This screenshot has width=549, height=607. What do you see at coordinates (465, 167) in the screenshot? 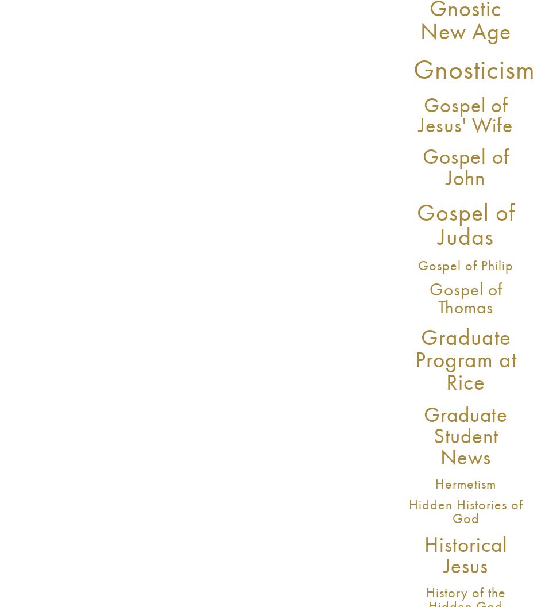
I see `'Gospel of John'` at bounding box center [465, 167].